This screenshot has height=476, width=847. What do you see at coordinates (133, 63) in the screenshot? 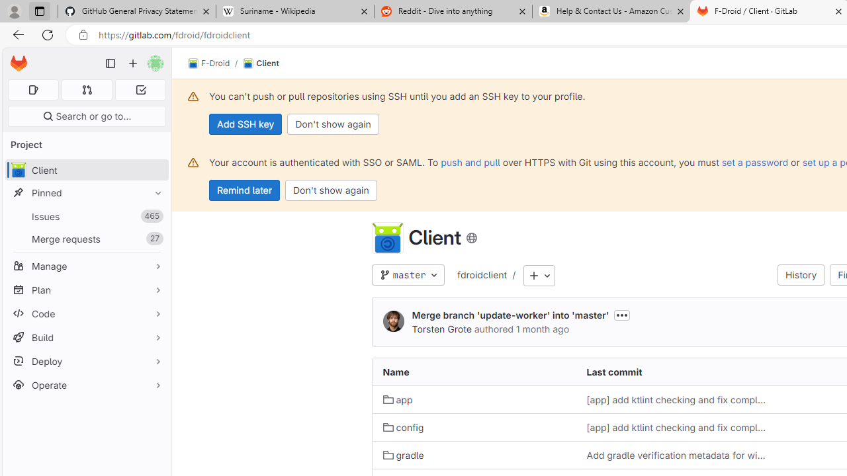
I see `'Create new...'` at bounding box center [133, 63].